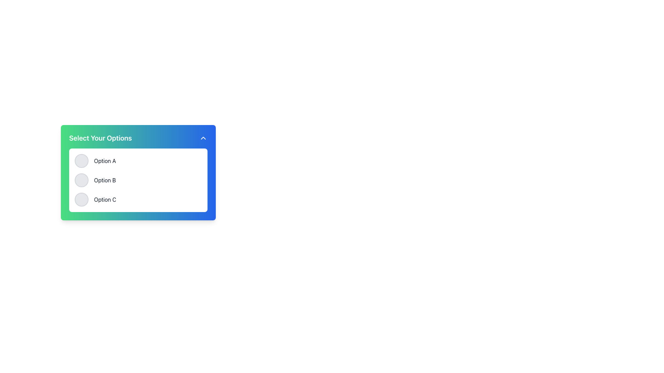 The height and width of the screenshot is (373, 664). What do you see at coordinates (104, 180) in the screenshot?
I see `the text label displaying 'Option B', which is part of a selectable list of options and is positioned next to a radio button` at bounding box center [104, 180].